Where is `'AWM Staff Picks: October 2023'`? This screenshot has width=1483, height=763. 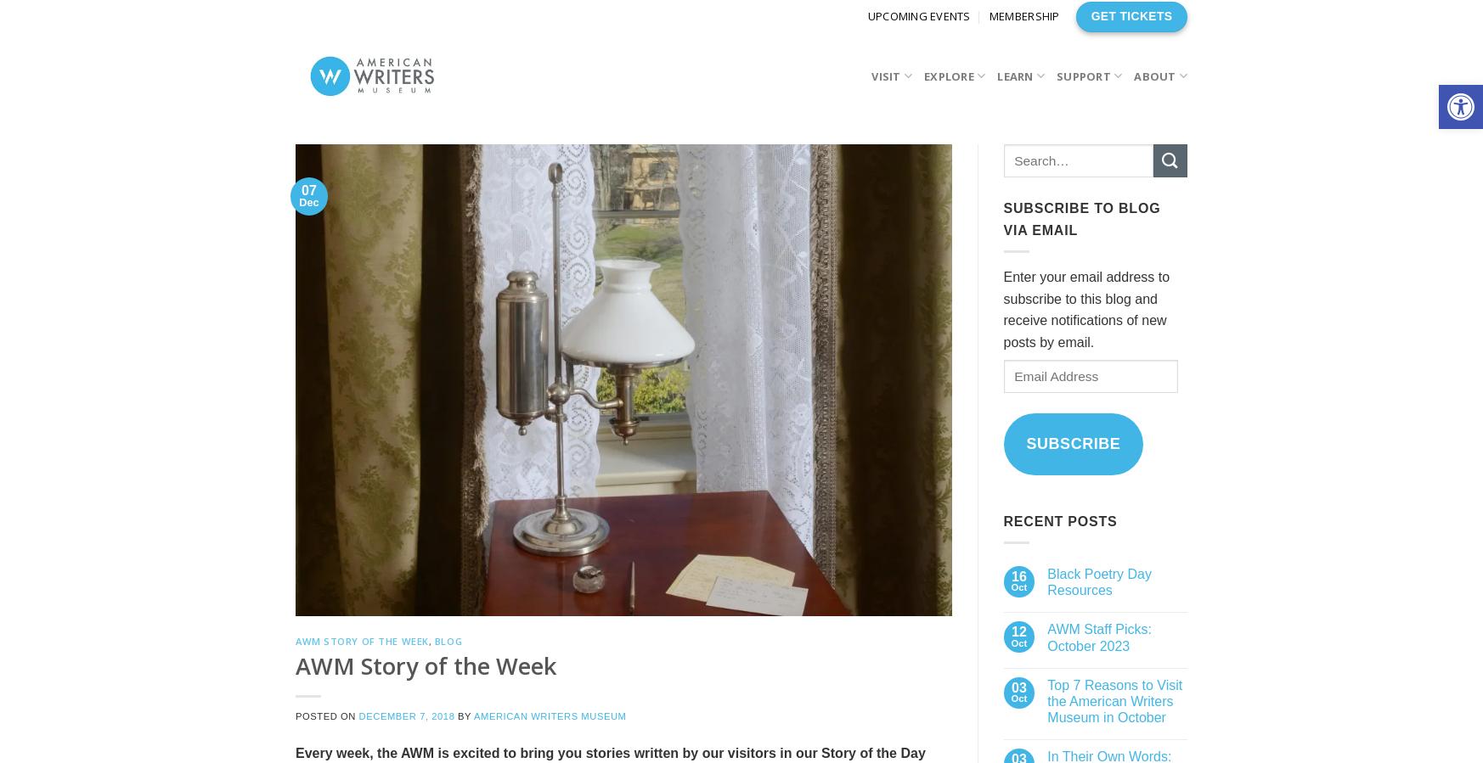
'AWM Staff Picks: October 2023' is located at coordinates (1097, 637).